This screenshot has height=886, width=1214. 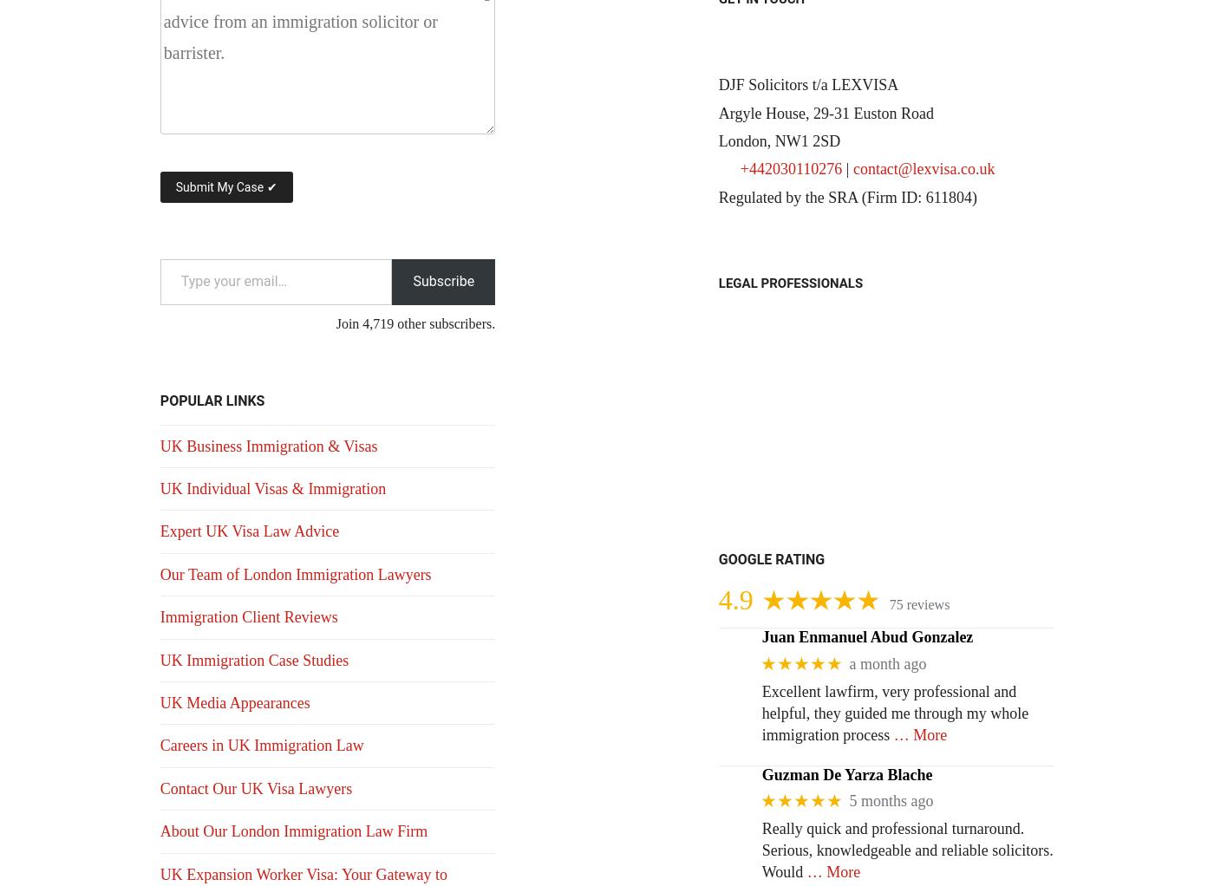 What do you see at coordinates (734, 598) in the screenshot?
I see `'4.9'` at bounding box center [734, 598].